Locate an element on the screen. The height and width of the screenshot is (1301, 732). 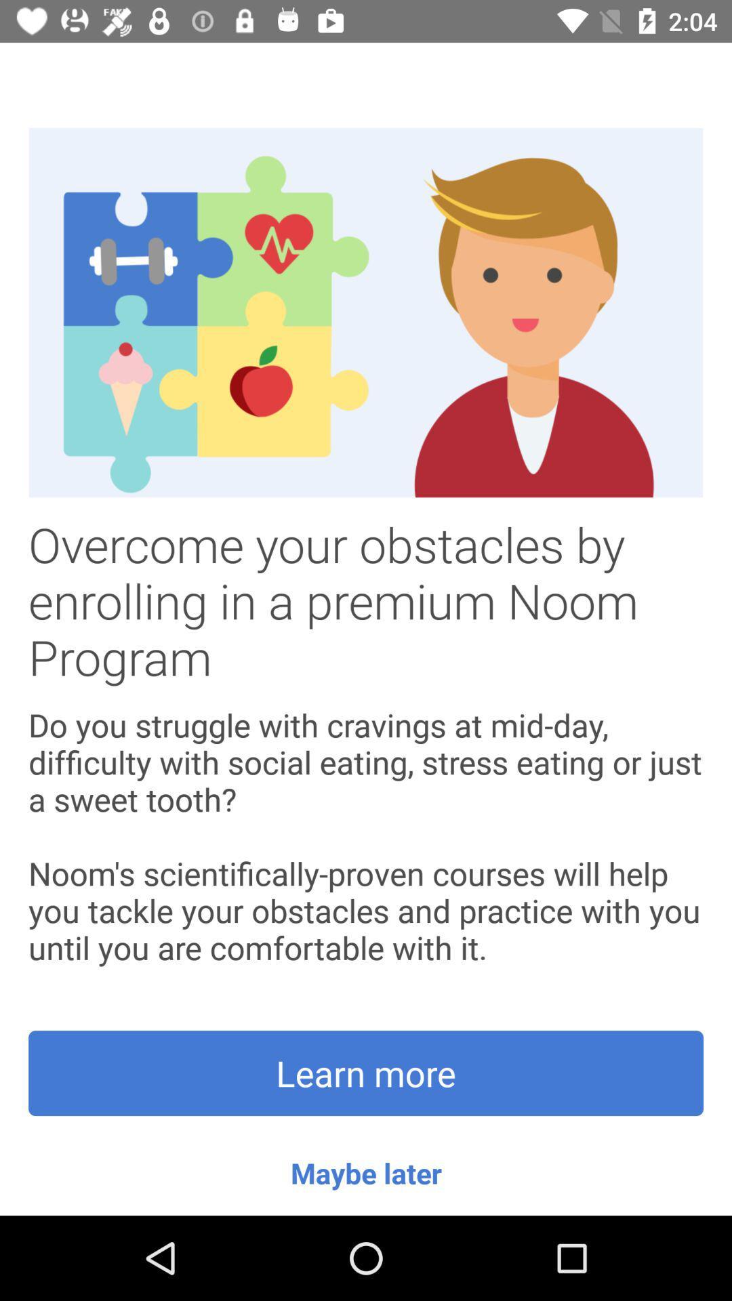
maybe later is located at coordinates (366, 1172).